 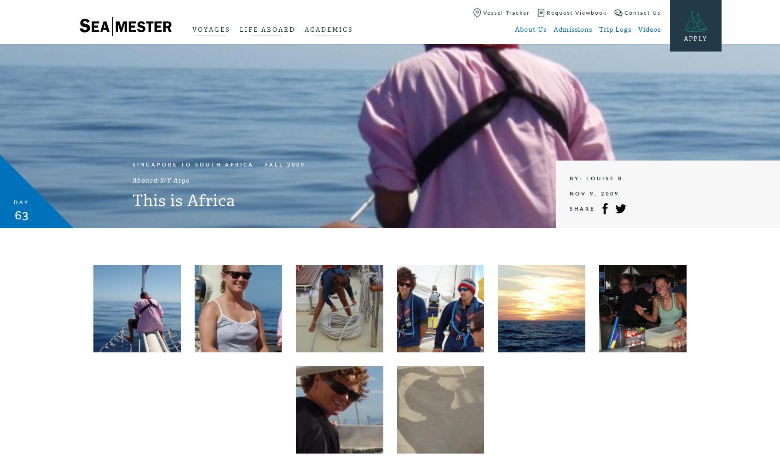 I want to click on 'Videos', so click(x=637, y=29).